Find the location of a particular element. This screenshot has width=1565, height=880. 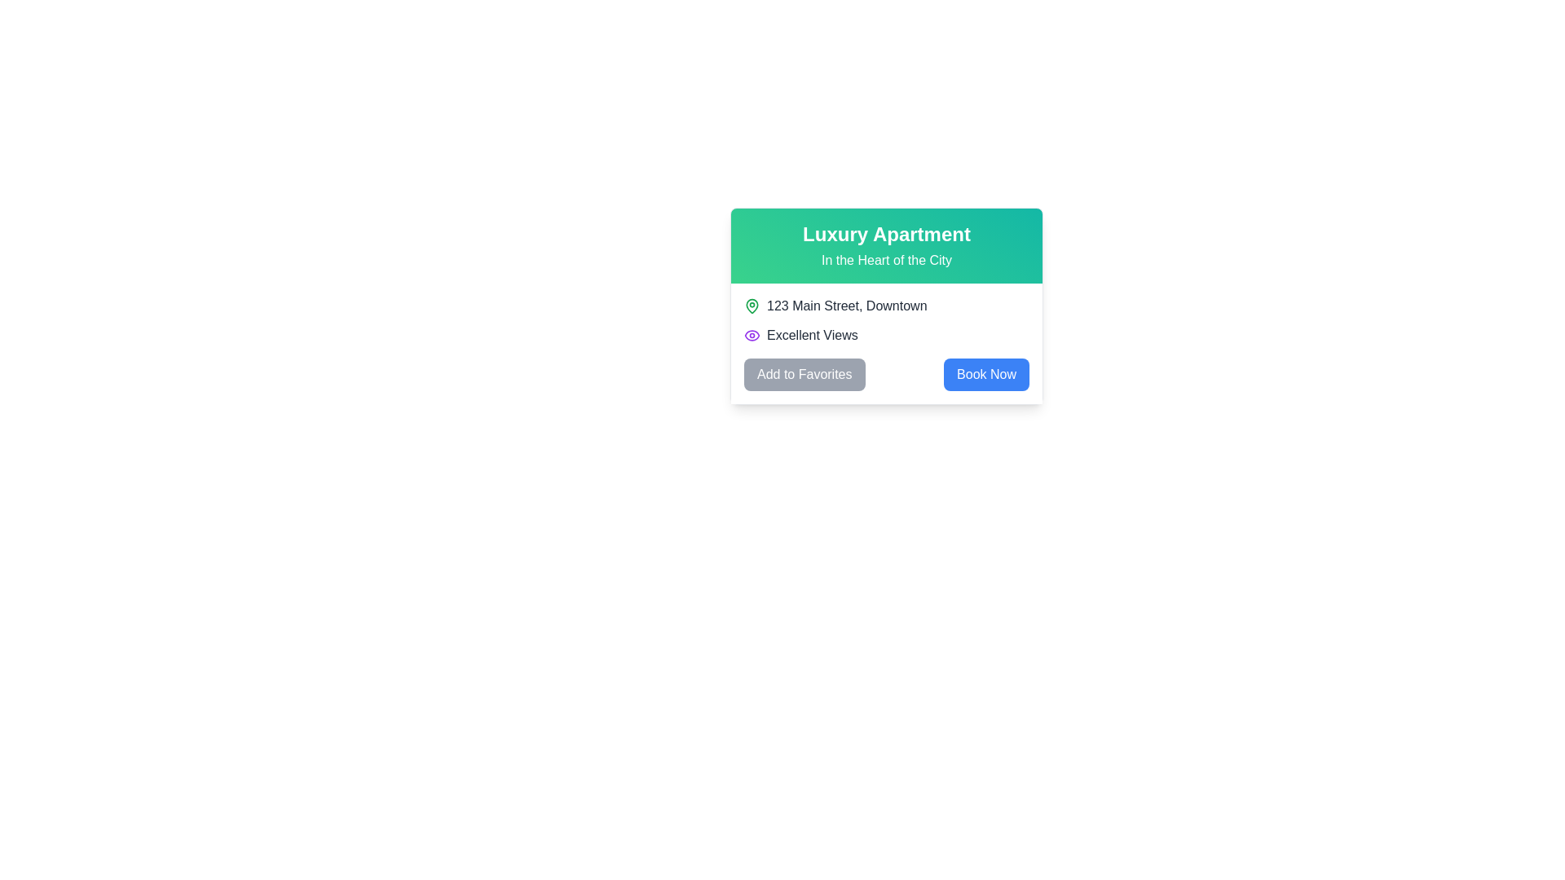

the subtitle text label providing additional information about the 'Luxury Apartment' offering, which is located directly below the title text is located at coordinates (886, 260).